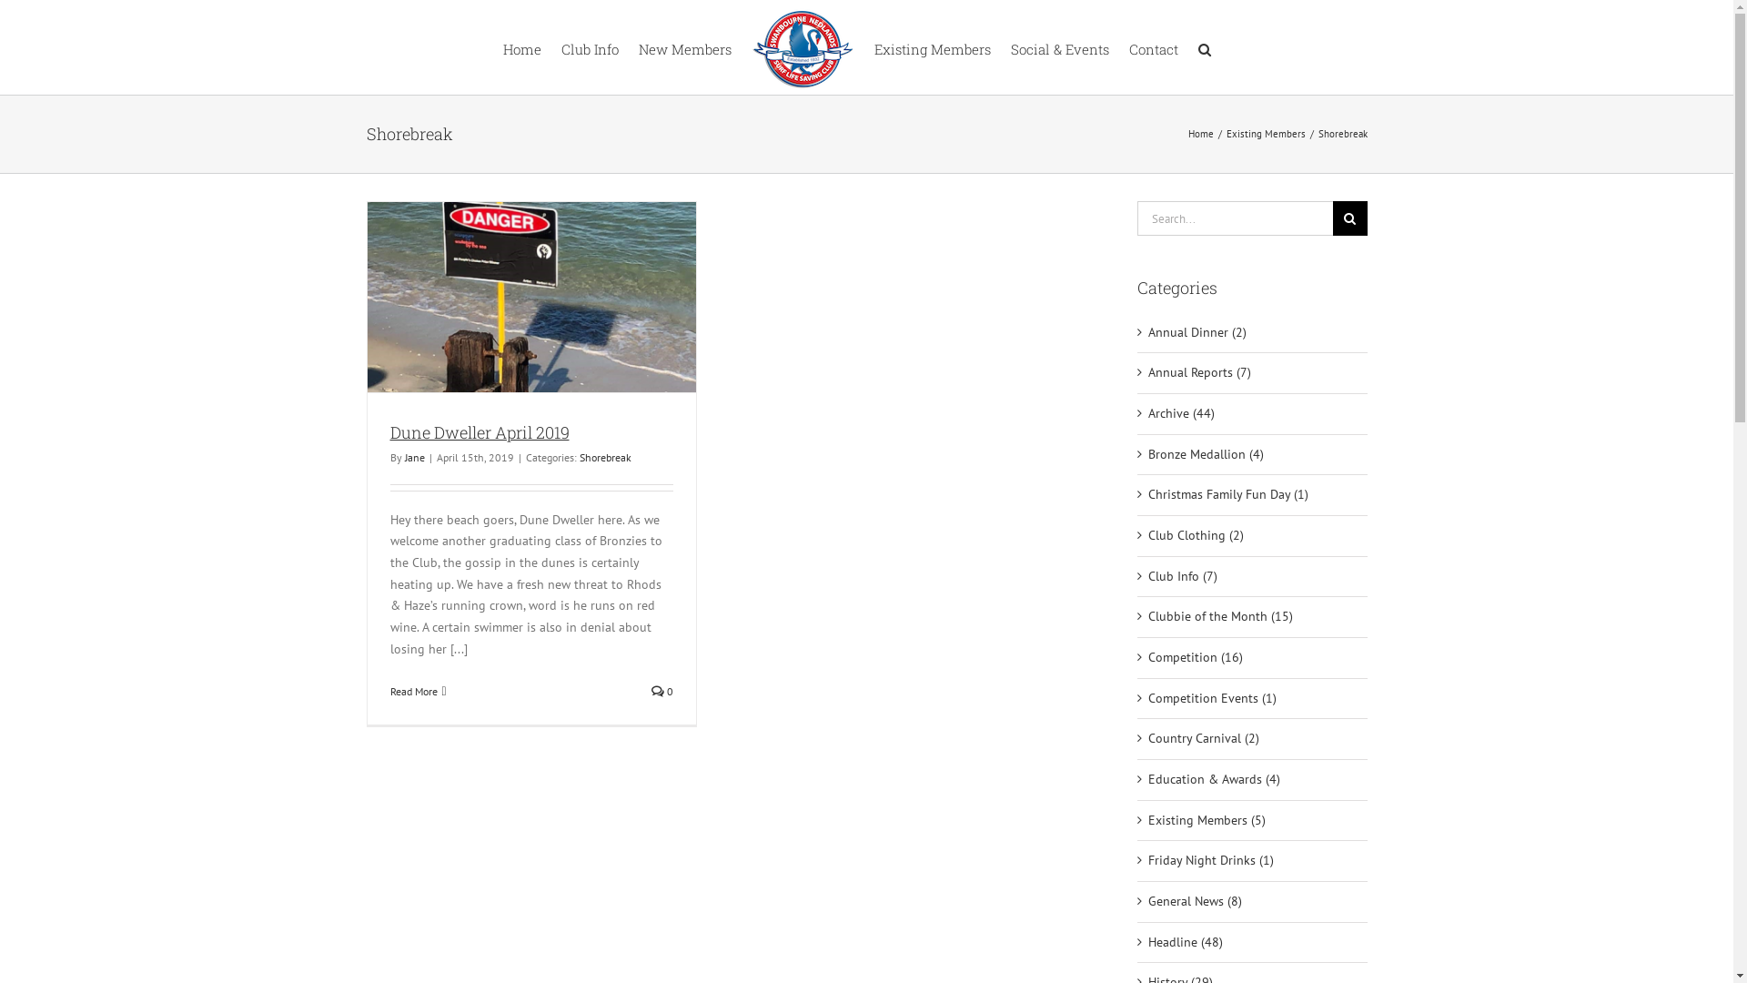 The image size is (1747, 983). I want to click on 'Jane', so click(403, 456).